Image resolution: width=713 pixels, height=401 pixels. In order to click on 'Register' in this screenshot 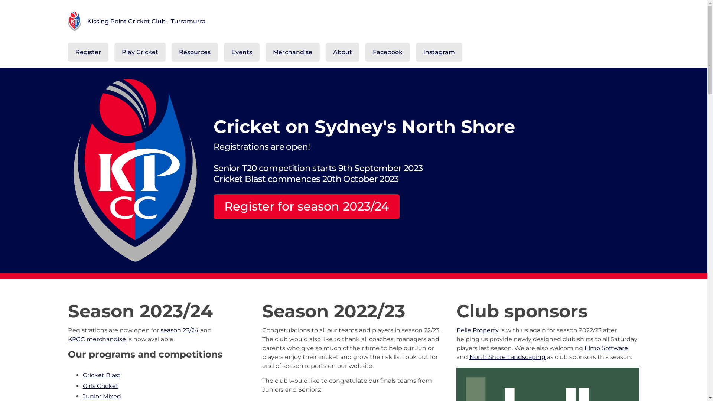, I will do `click(88, 52)`.